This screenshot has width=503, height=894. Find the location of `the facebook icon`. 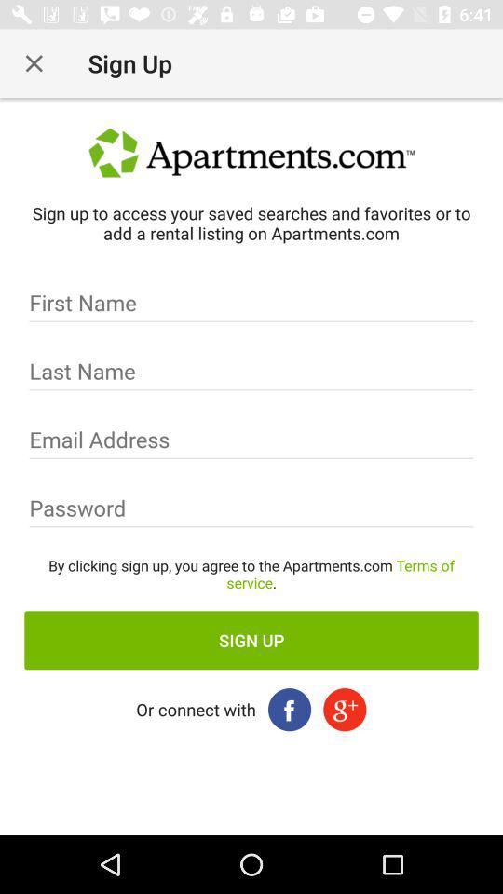

the facebook icon is located at coordinates (290, 709).